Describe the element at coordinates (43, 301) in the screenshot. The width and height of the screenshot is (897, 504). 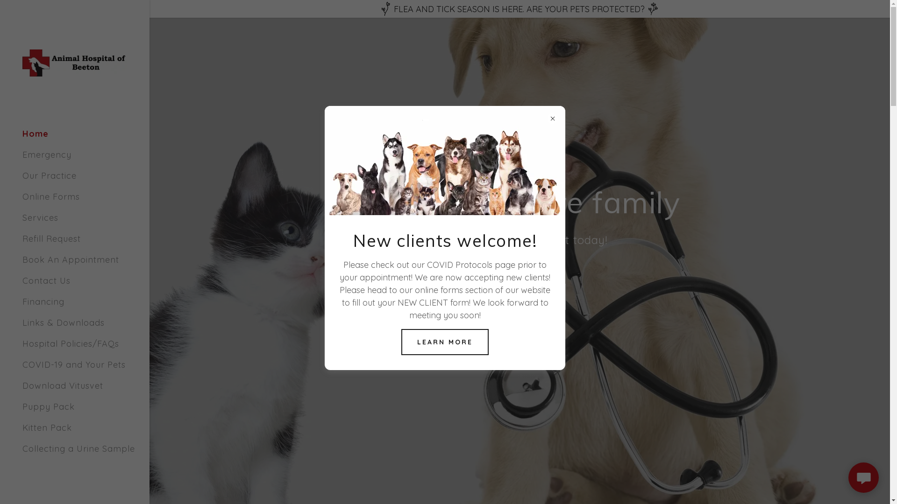
I see `'Financing'` at that location.